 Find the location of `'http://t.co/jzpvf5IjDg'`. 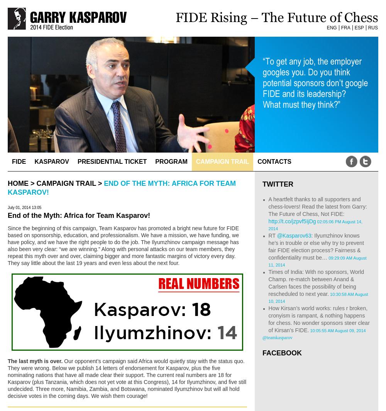

'http://t.co/jzpvf5IjDg' is located at coordinates (292, 221).